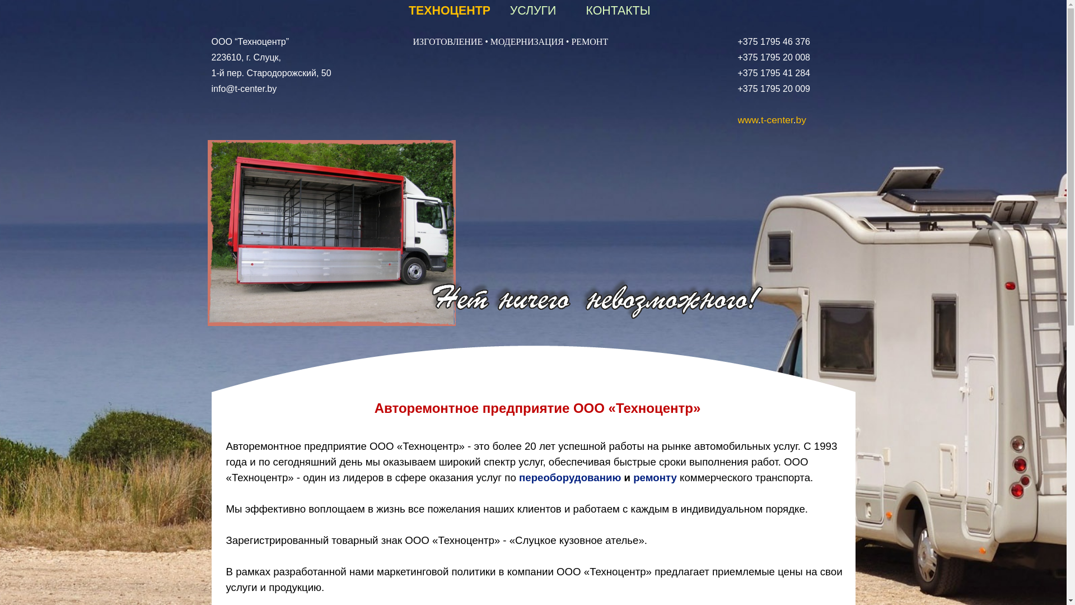  What do you see at coordinates (771, 119) in the screenshot?
I see `'www.t-center.by'` at bounding box center [771, 119].